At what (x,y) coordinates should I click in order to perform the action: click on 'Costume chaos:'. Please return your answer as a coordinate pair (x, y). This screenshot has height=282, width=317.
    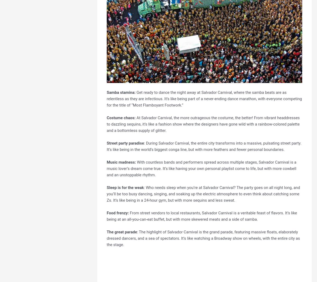
    Looking at the image, I should click on (121, 117).